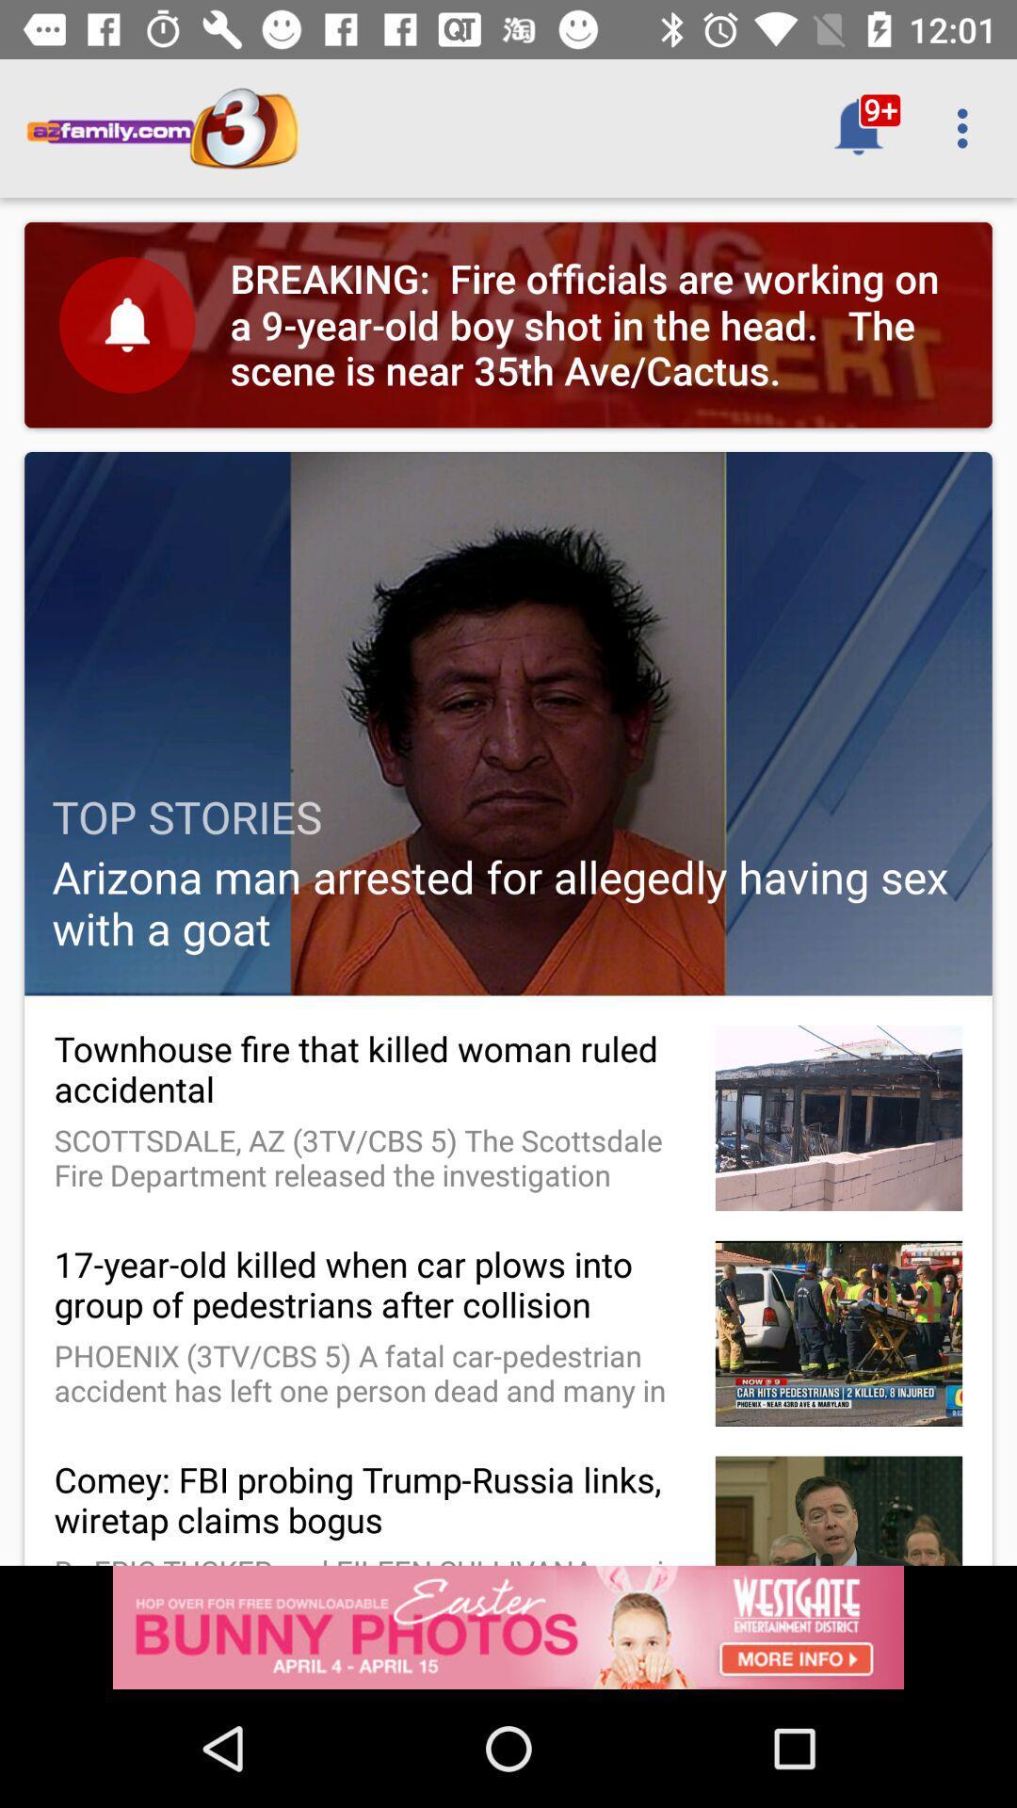 The width and height of the screenshot is (1017, 1808). I want to click on the notification icon, so click(858, 128).